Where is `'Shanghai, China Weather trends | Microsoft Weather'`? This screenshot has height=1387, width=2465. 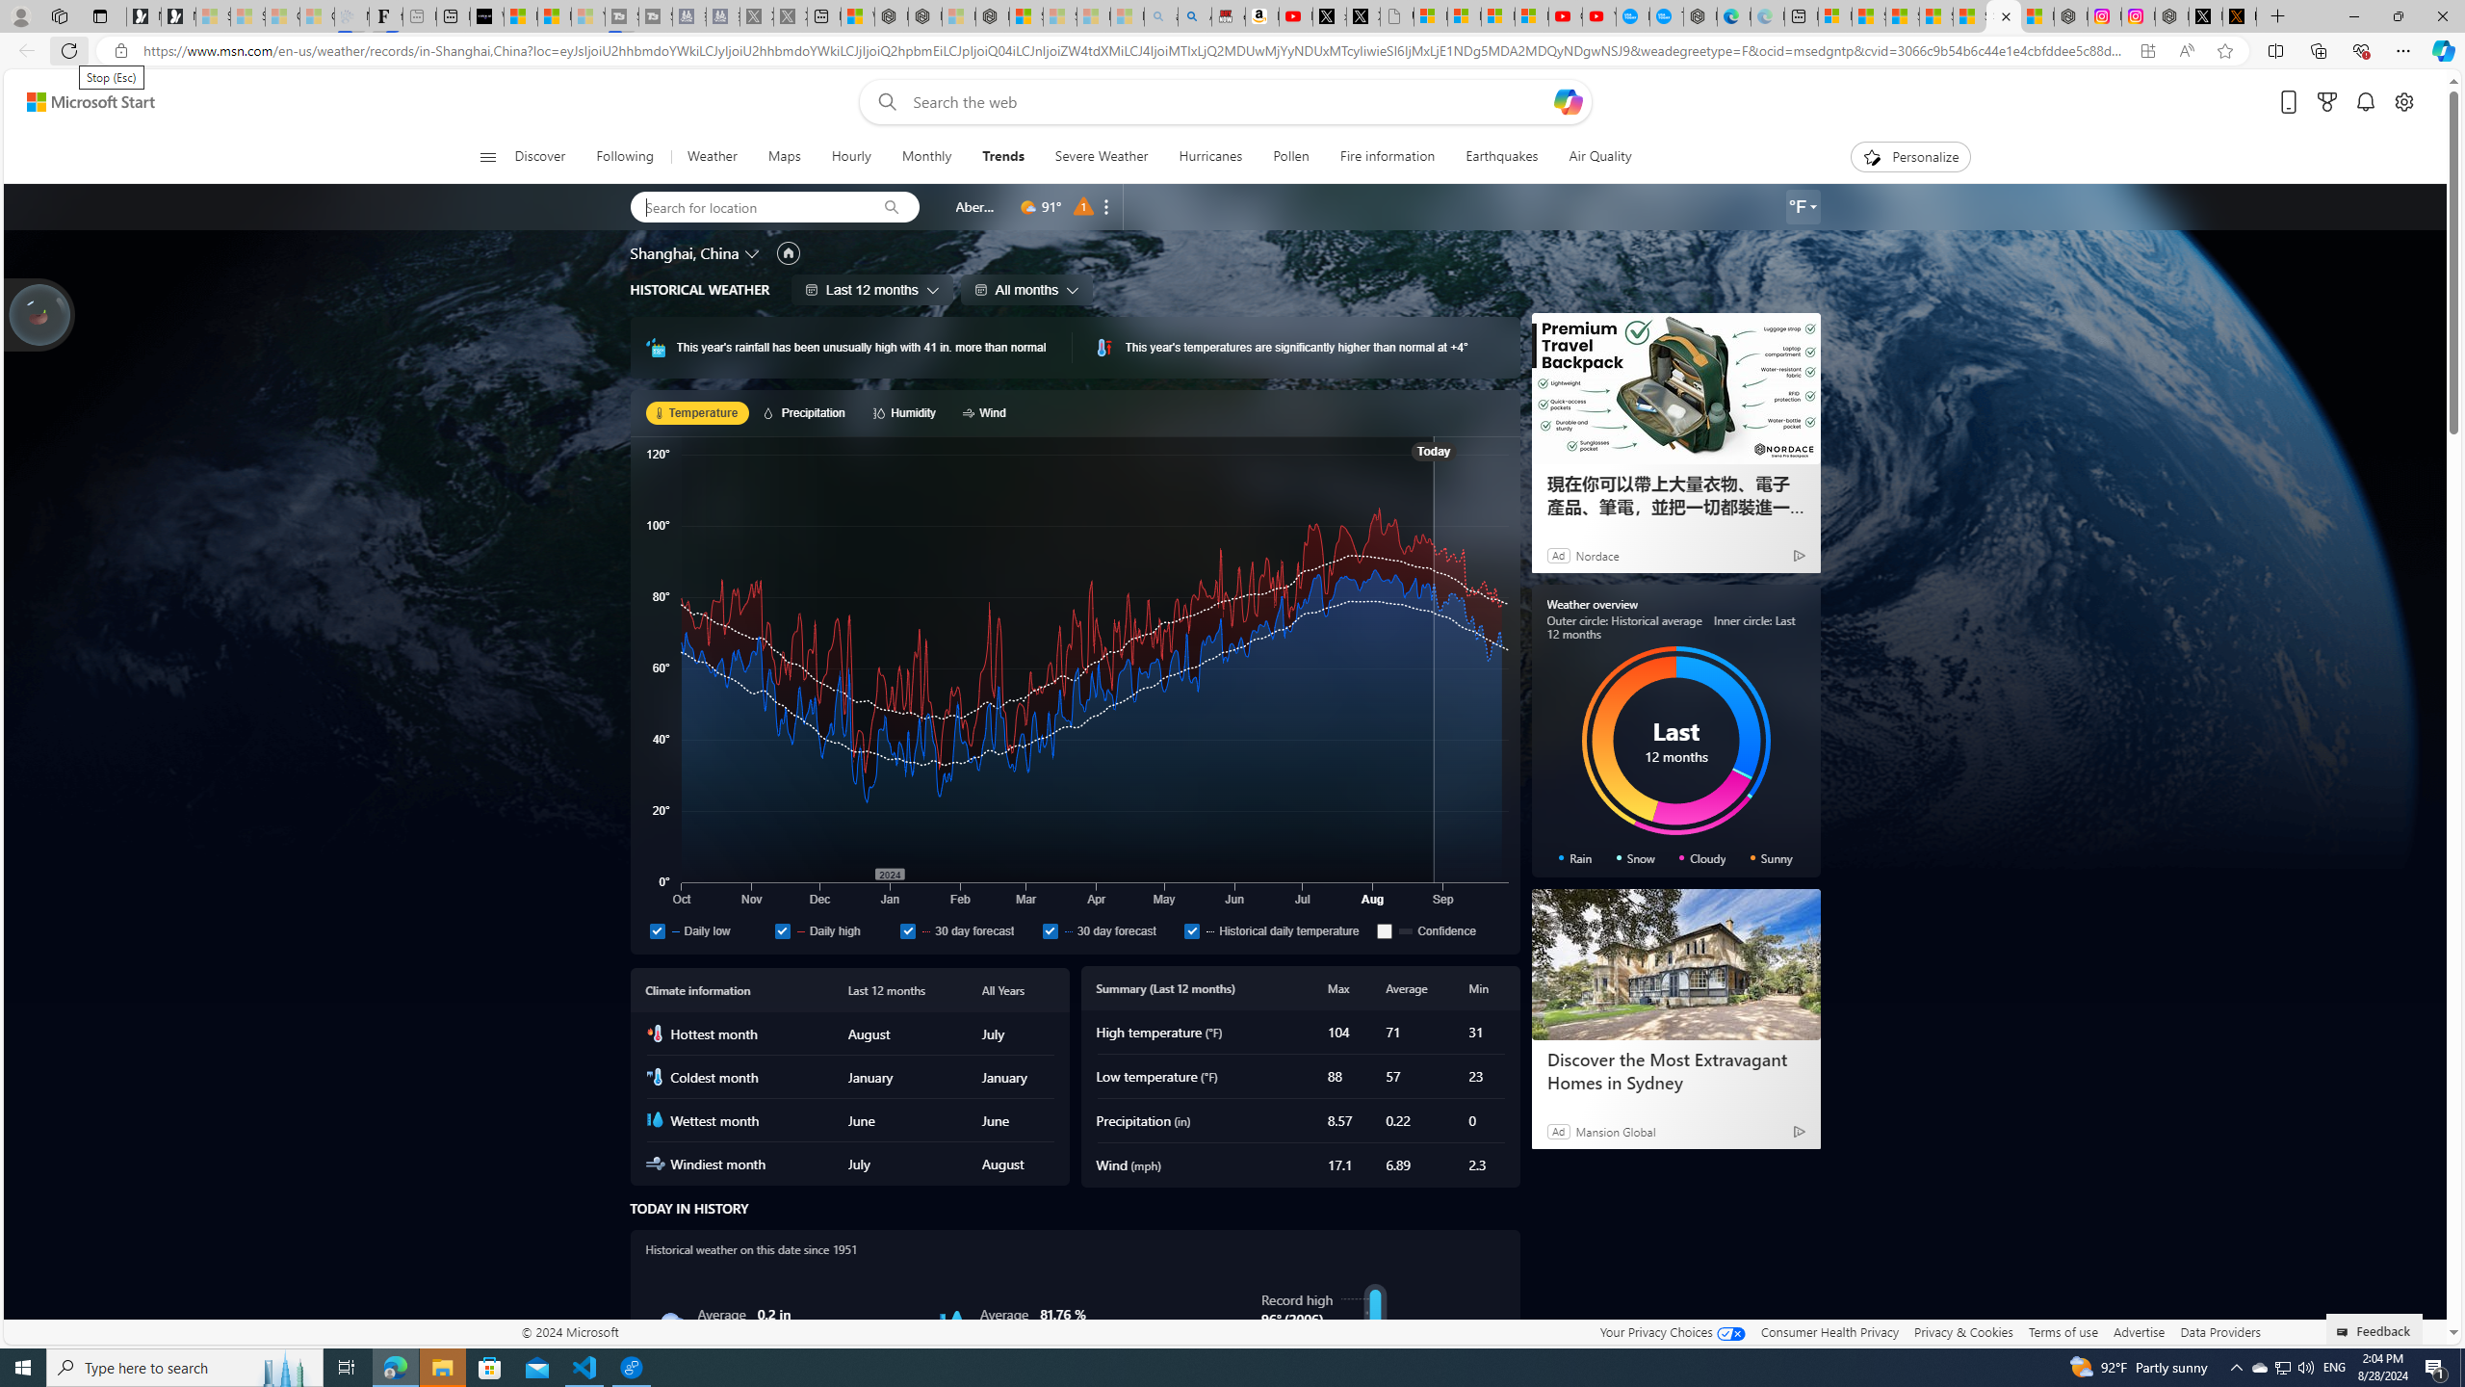
'Shanghai, China Weather trends | Microsoft Weather' is located at coordinates (2003, 15).